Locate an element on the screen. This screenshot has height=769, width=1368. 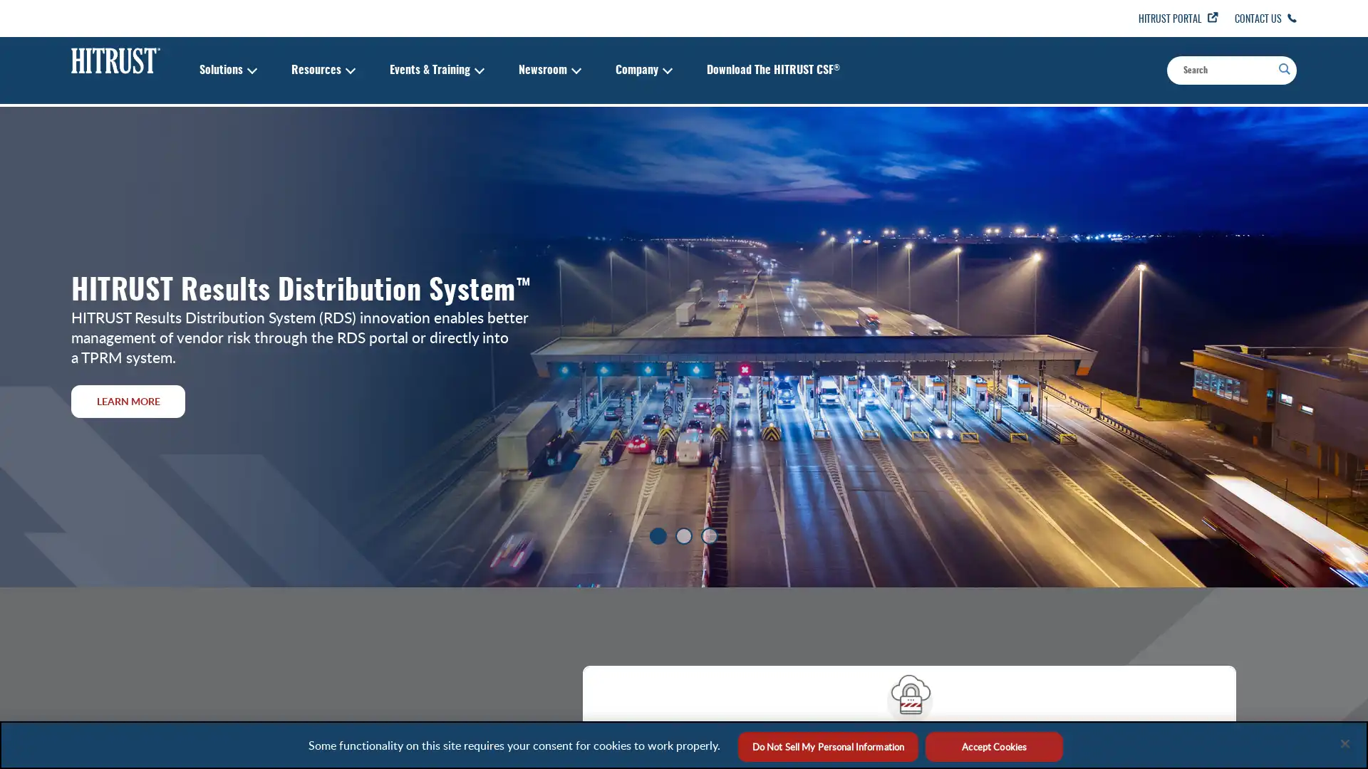
Accept Cookies is located at coordinates (993, 746).